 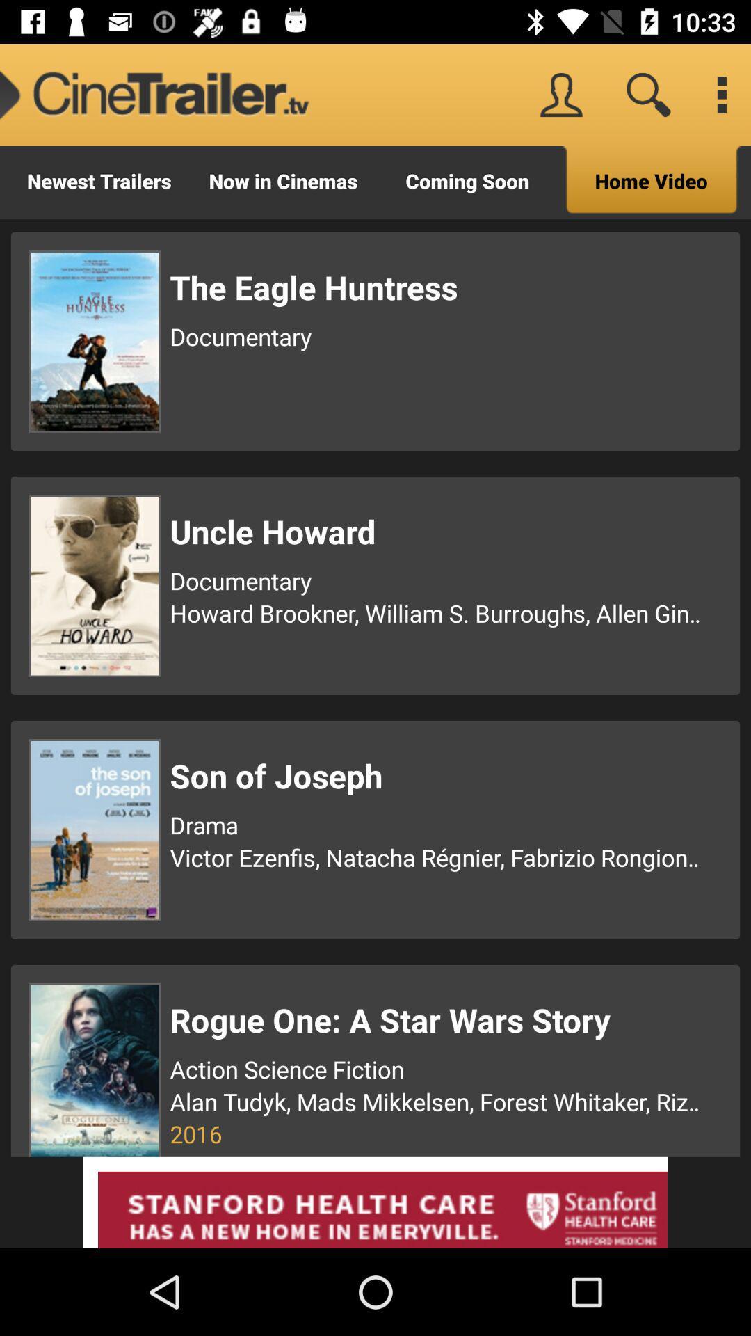 I want to click on the item below the drama, so click(x=437, y=857).